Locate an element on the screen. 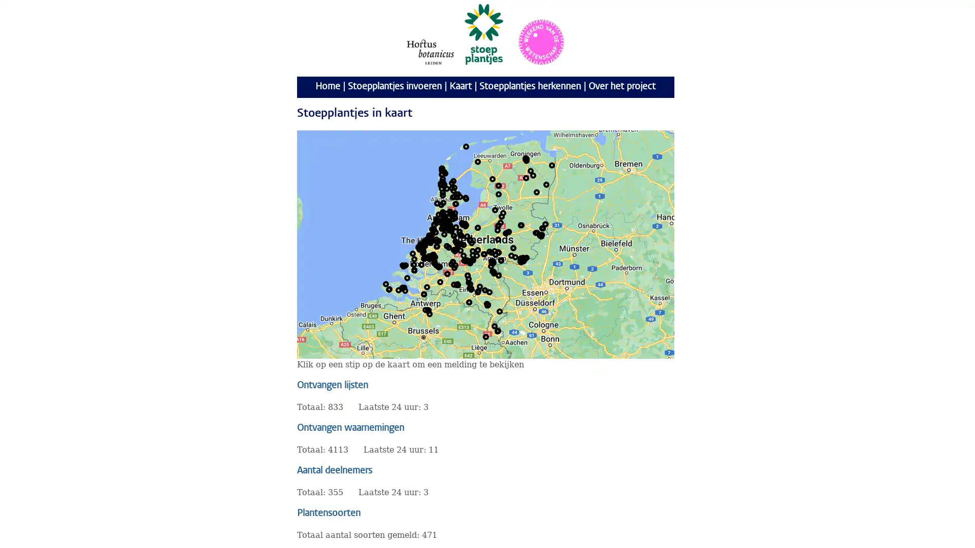 This screenshot has width=975, height=548. Telling van Madelief op 24 oktober 2021 is located at coordinates (426, 241).